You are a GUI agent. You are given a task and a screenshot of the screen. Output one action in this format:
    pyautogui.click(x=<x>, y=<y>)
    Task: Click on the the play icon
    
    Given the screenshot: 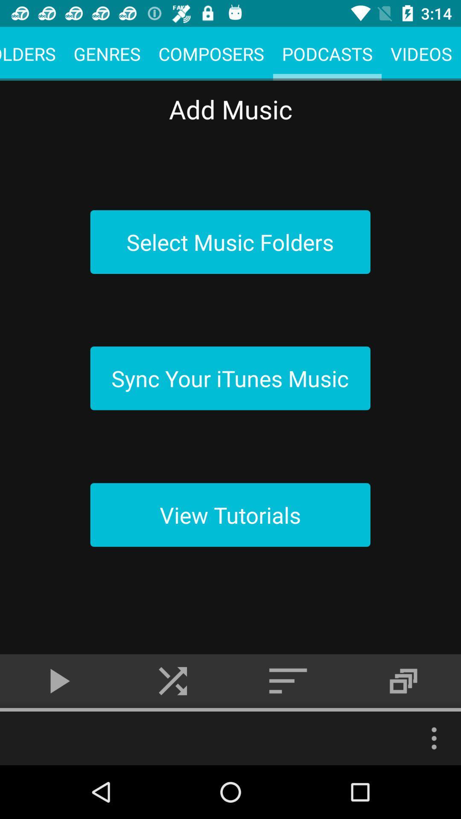 What is the action you would take?
    pyautogui.click(x=58, y=680)
    